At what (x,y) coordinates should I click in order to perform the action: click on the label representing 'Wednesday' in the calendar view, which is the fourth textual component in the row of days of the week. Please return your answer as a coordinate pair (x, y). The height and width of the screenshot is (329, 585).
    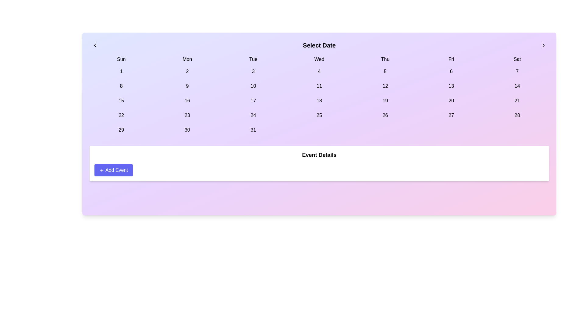
    Looking at the image, I should click on (319, 59).